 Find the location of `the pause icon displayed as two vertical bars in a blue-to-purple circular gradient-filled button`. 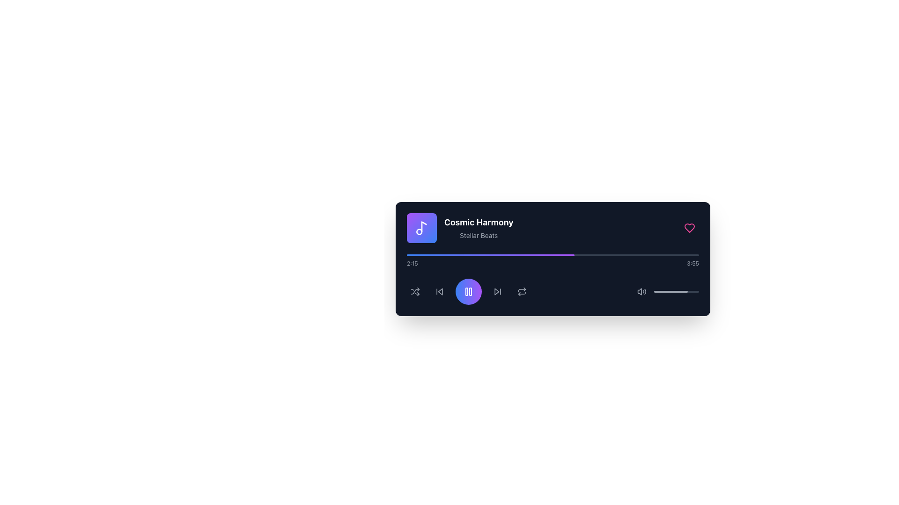

the pause icon displayed as two vertical bars in a blue-to-purple circular gradient-filled button is located at coordinates (469, 291).